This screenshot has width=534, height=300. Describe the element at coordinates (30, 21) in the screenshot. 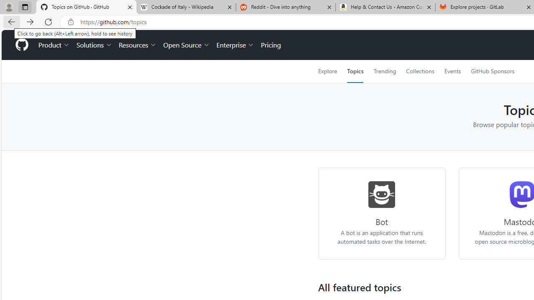

I see `'Forward'` at that location.